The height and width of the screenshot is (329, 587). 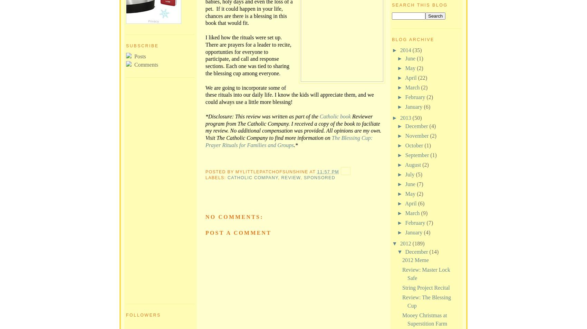 I want to click on 'Subscribe', so click(x=142, y=46).